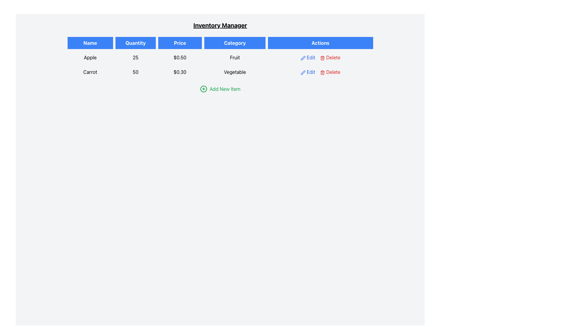 The width and height of the screenshot is (582, 327). Describe the element at coordinates (320, 57) in the screenshot. I see `the 'Delete' button in the Actions column of the first row, which is styled in red` at that location.